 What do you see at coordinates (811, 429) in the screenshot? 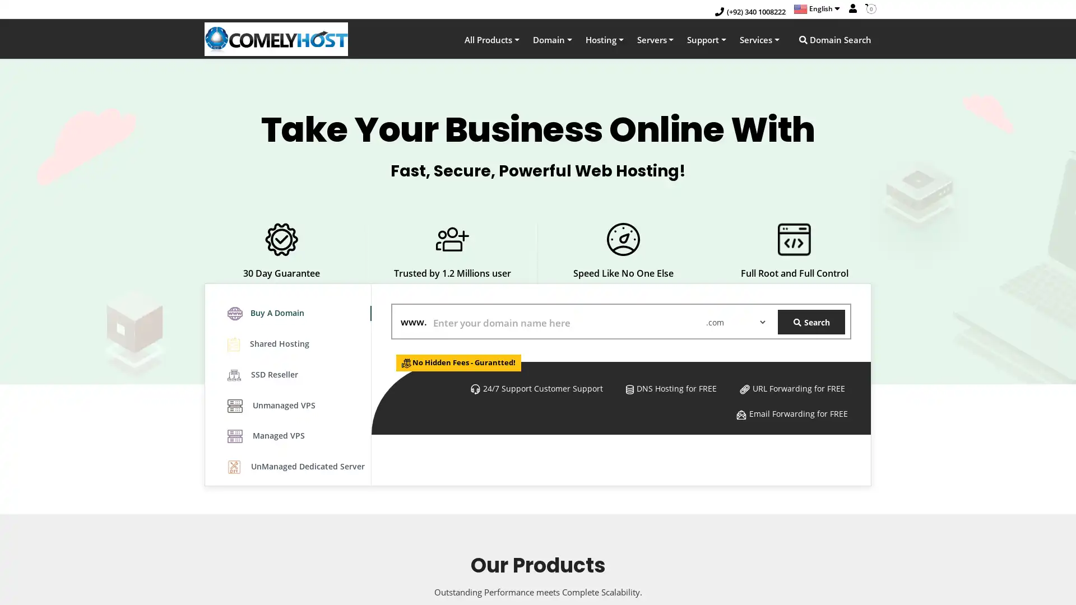
I see `Search` at bounding box center [811, 429].